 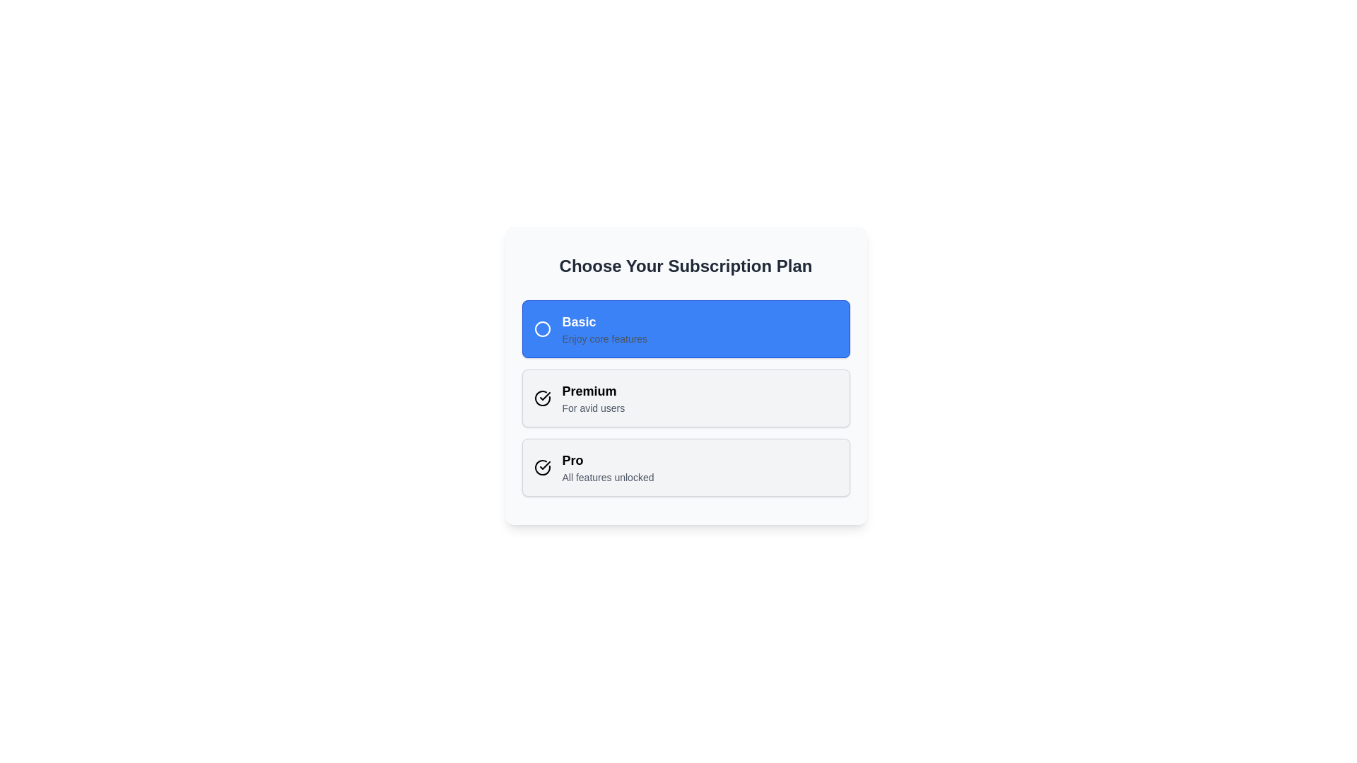 What do you see at coordinates (593, 398) in the screenshot?
I see `the text block displaying the name and description of the 'Premium' subscription plan option, located in the second option card of the subscription plan interface` at bounding box center [593, 398].